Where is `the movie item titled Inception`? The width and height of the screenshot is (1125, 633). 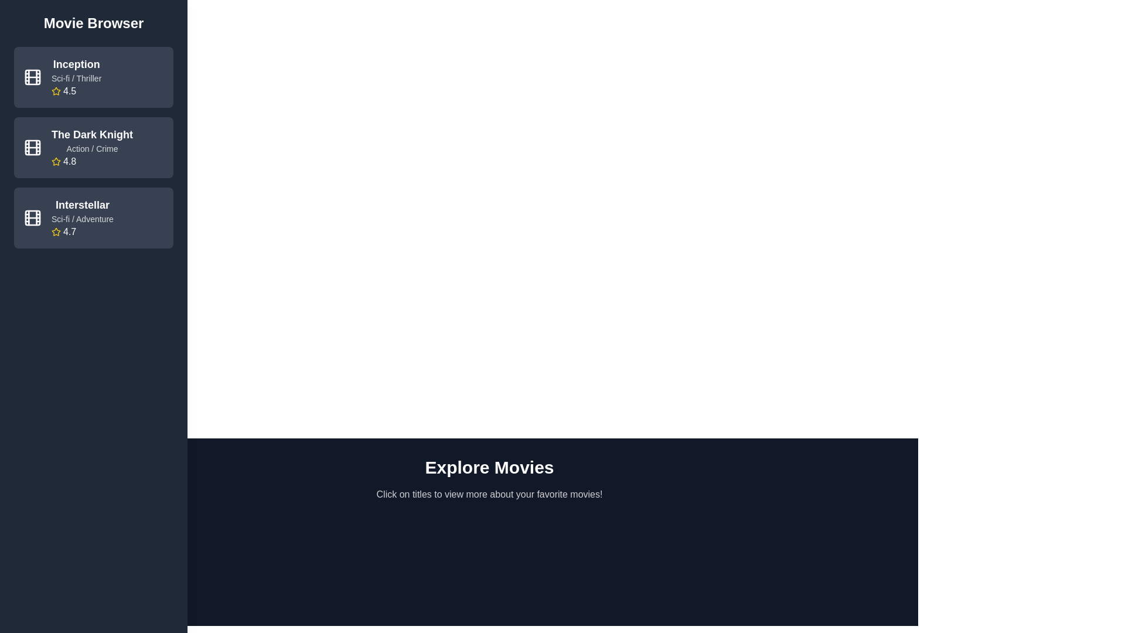
the movie item titled Inception is located at coordinates (93, 77).